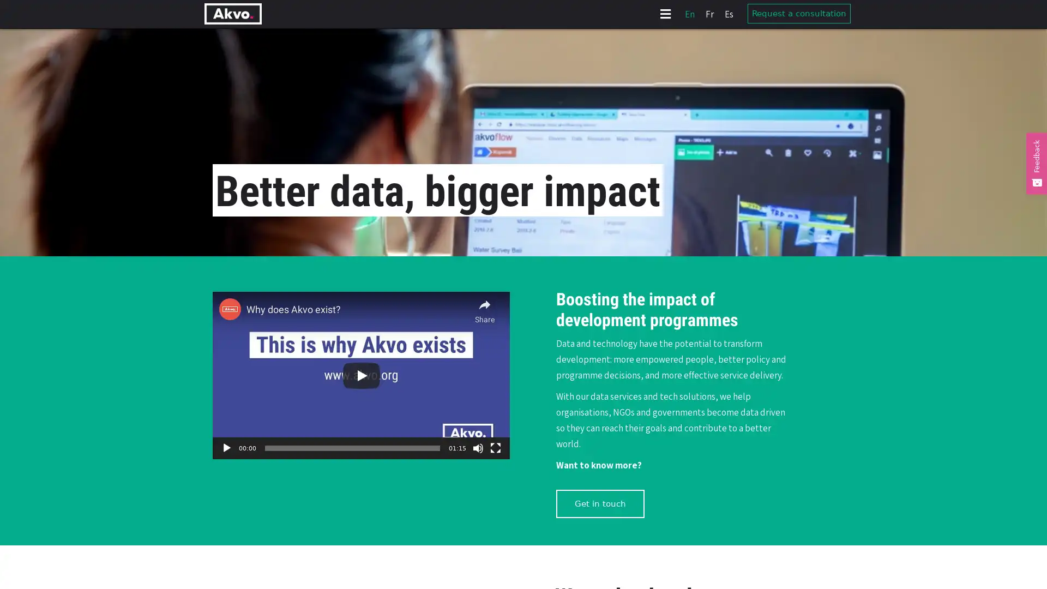  What do you see at coordinates (226, 448) in the screenshot?
I see `Play` at bounding box center [226, 448].